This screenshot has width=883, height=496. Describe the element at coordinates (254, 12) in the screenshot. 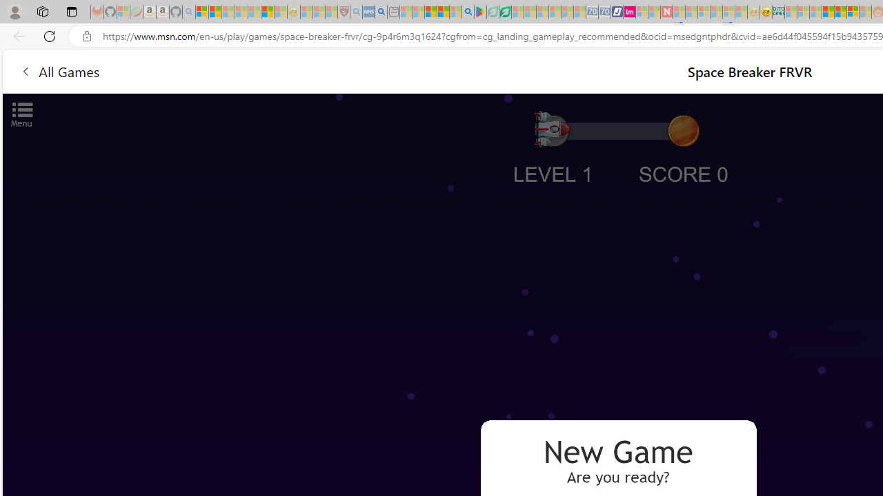

I see `'New Report Confirms 2023 Was Record Hot | Watch - Sleeping'` at that location.